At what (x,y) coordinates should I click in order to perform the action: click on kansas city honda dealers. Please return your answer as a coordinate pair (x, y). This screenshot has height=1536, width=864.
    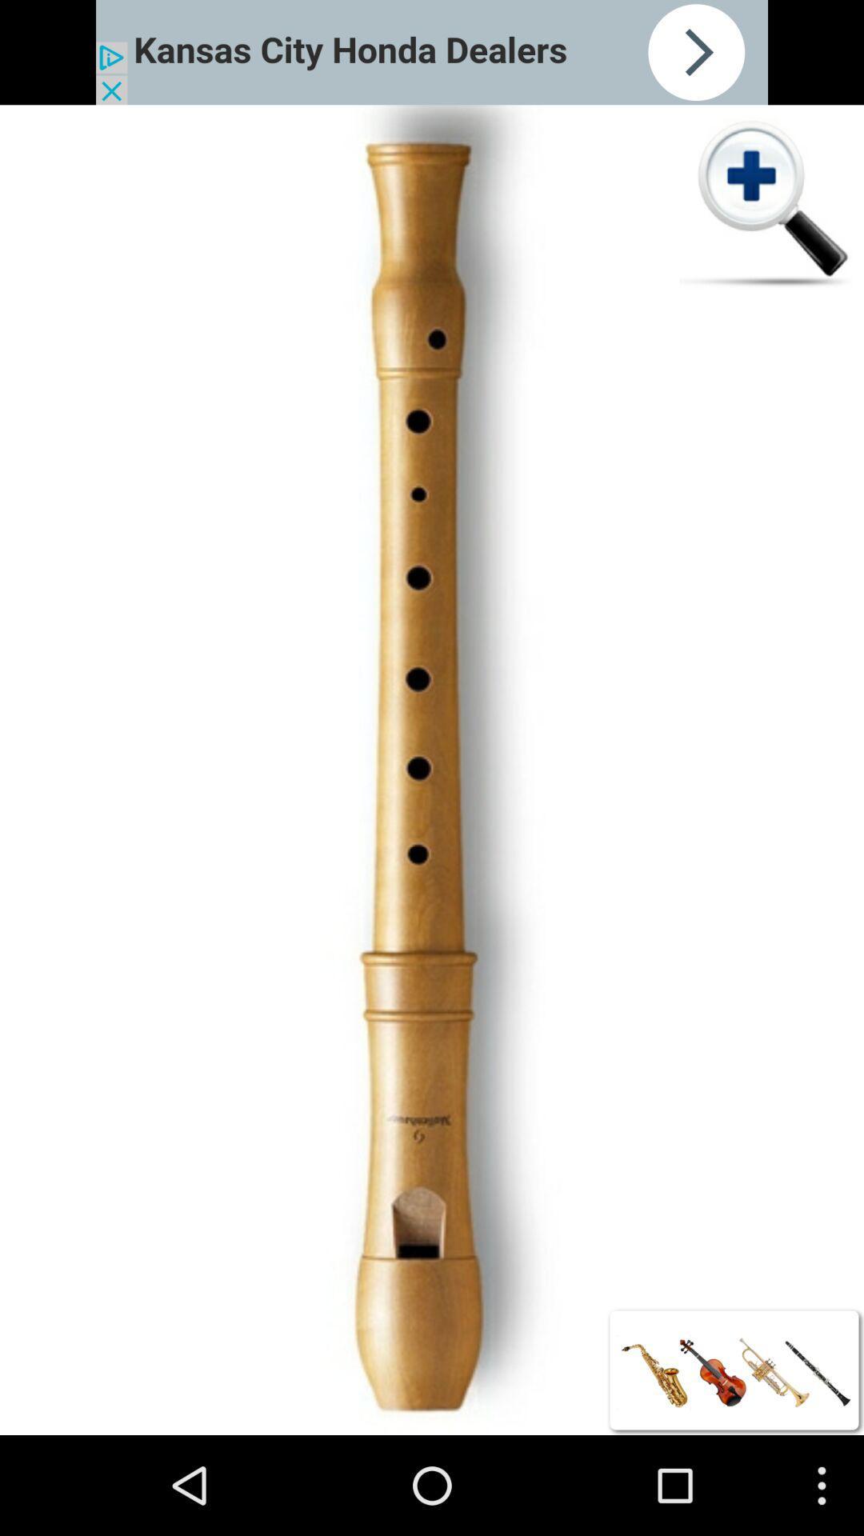
    Looking at the image, I should click on (432, 52).